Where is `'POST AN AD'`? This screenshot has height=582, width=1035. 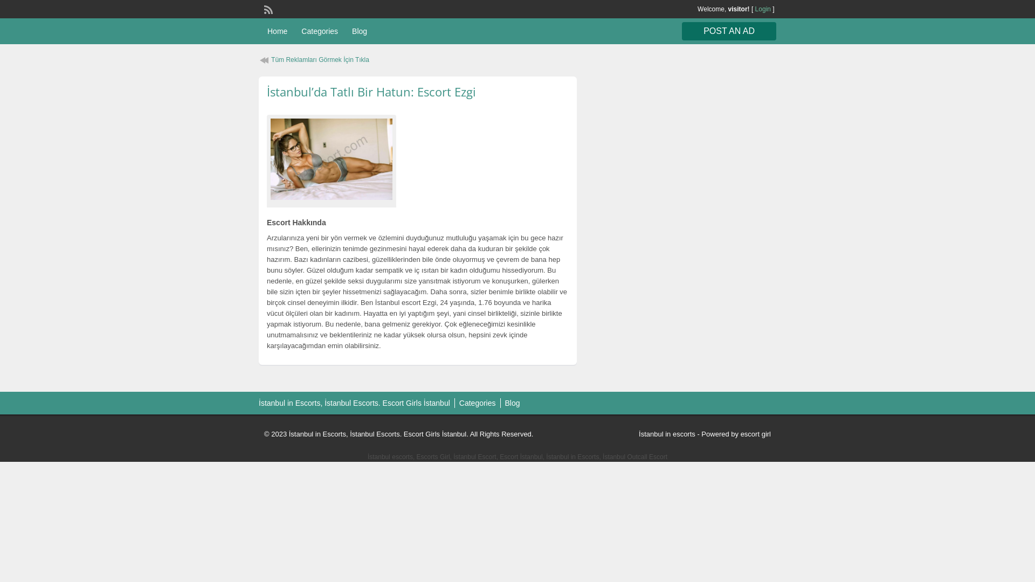 'POST AN AD' is located at coordinates (729, 30).